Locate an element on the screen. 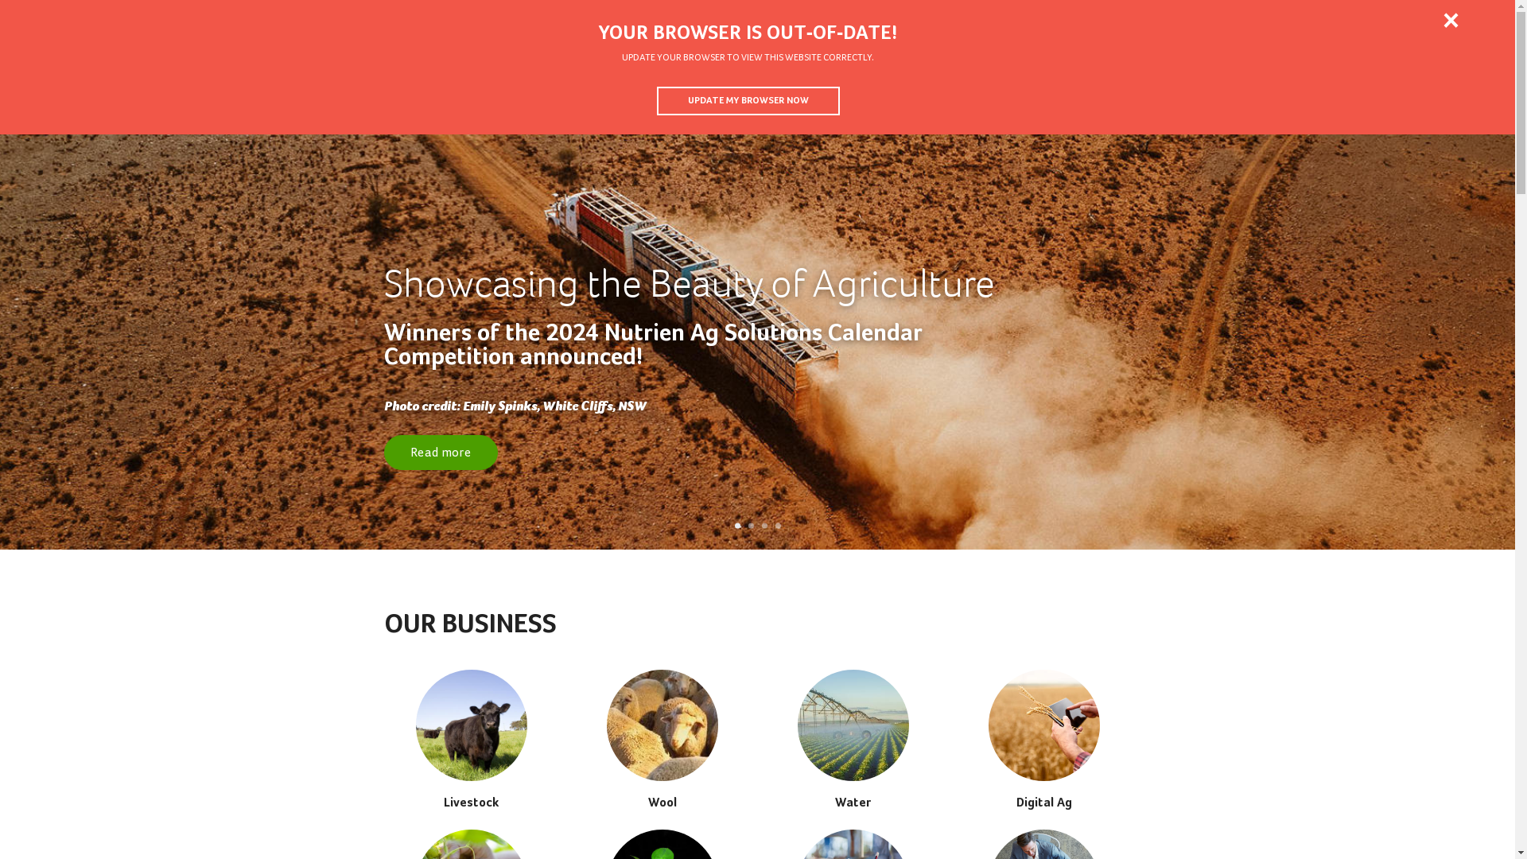  '1' is located at coordinates (734, 526).